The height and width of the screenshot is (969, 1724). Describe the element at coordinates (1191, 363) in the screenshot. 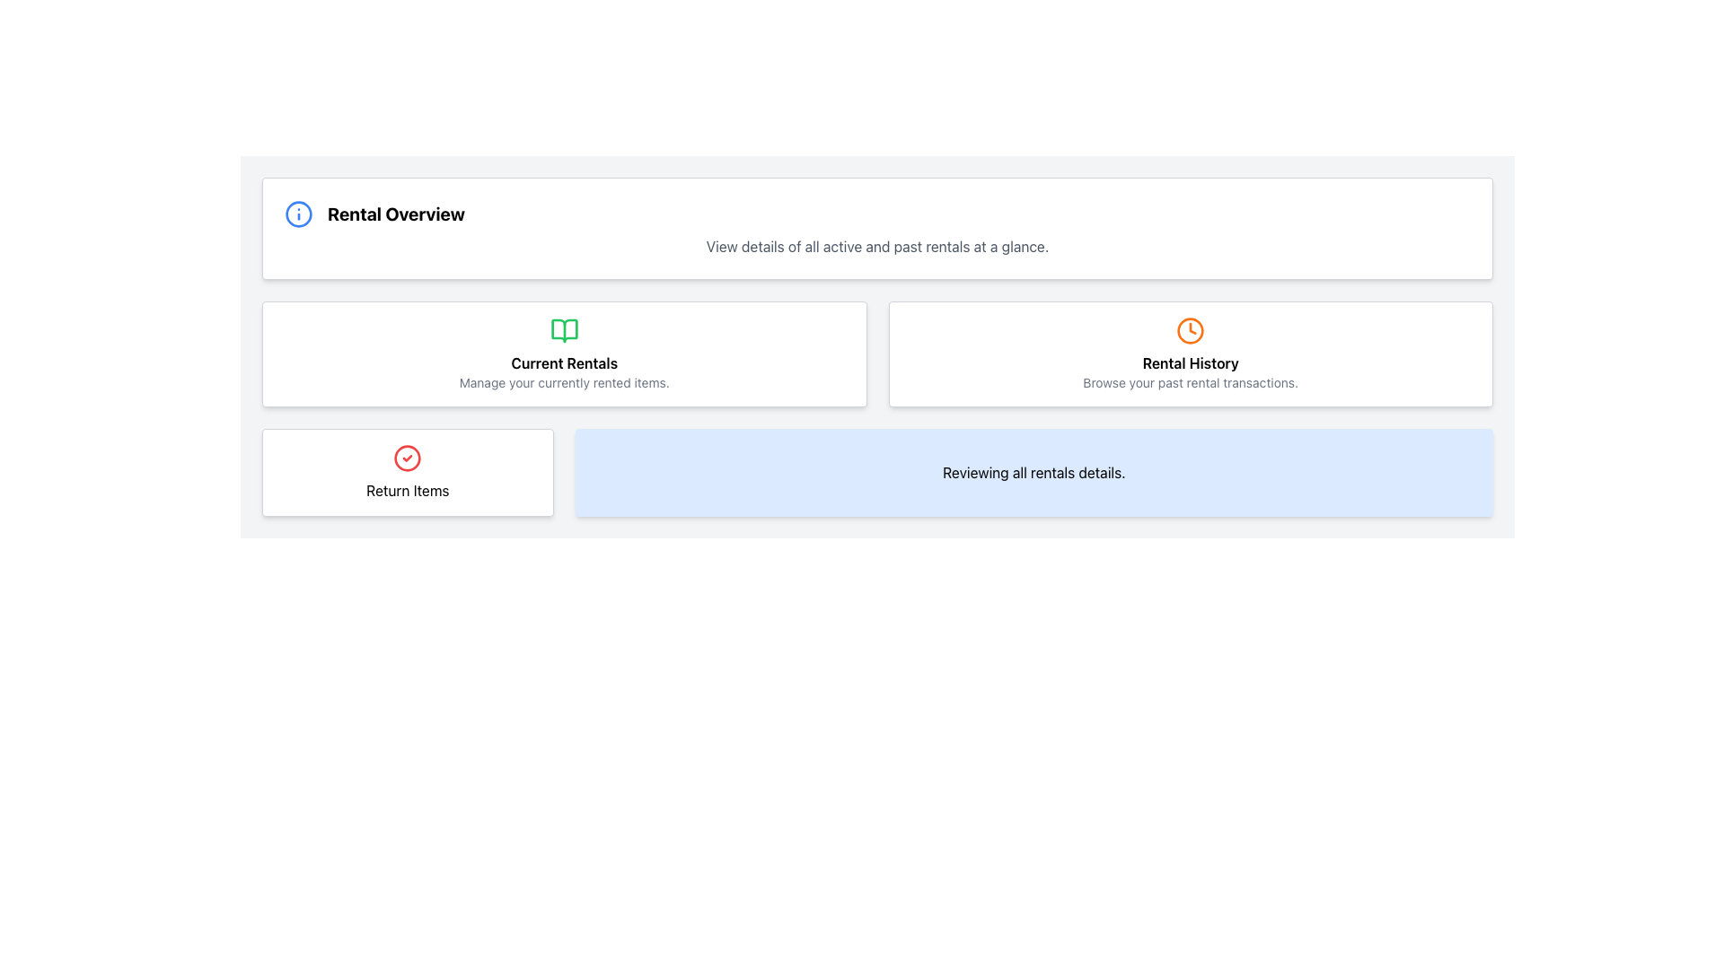

I see `title text of the card indicating access to historical rental transactions, located in the upper-right box of the grid layout beneath the 'Rental Overview' section` at that location.